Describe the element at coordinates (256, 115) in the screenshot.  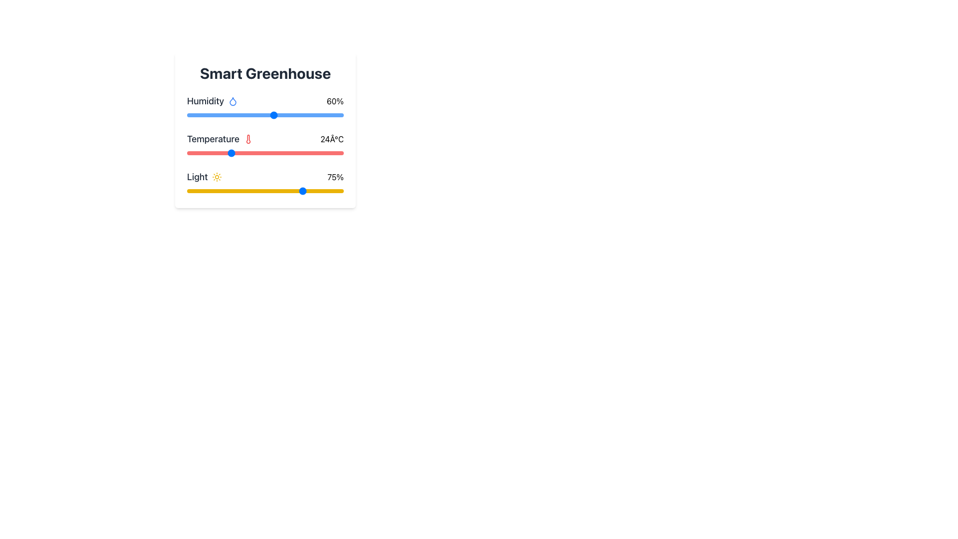
I see `the Humidity slider` at that location.